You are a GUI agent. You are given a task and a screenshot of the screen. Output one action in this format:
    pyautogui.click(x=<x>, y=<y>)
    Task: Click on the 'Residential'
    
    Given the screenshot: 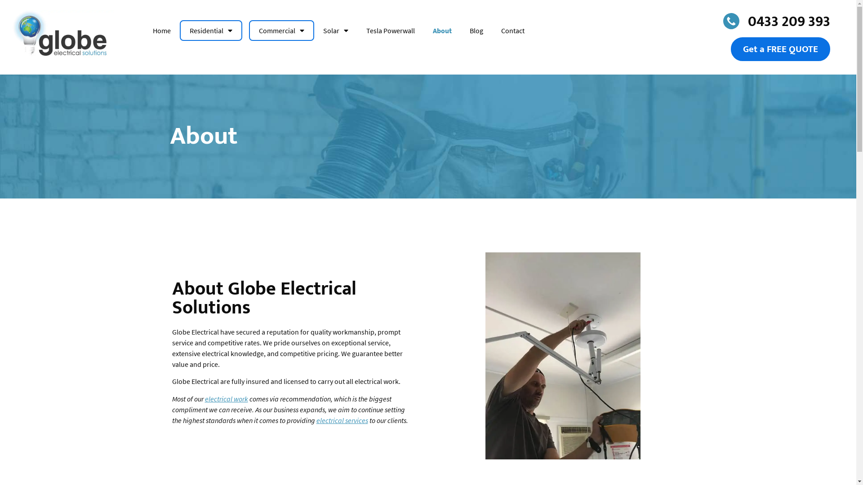 What is the action you would take?
    pyautogui.click(x=210, y=30)
    